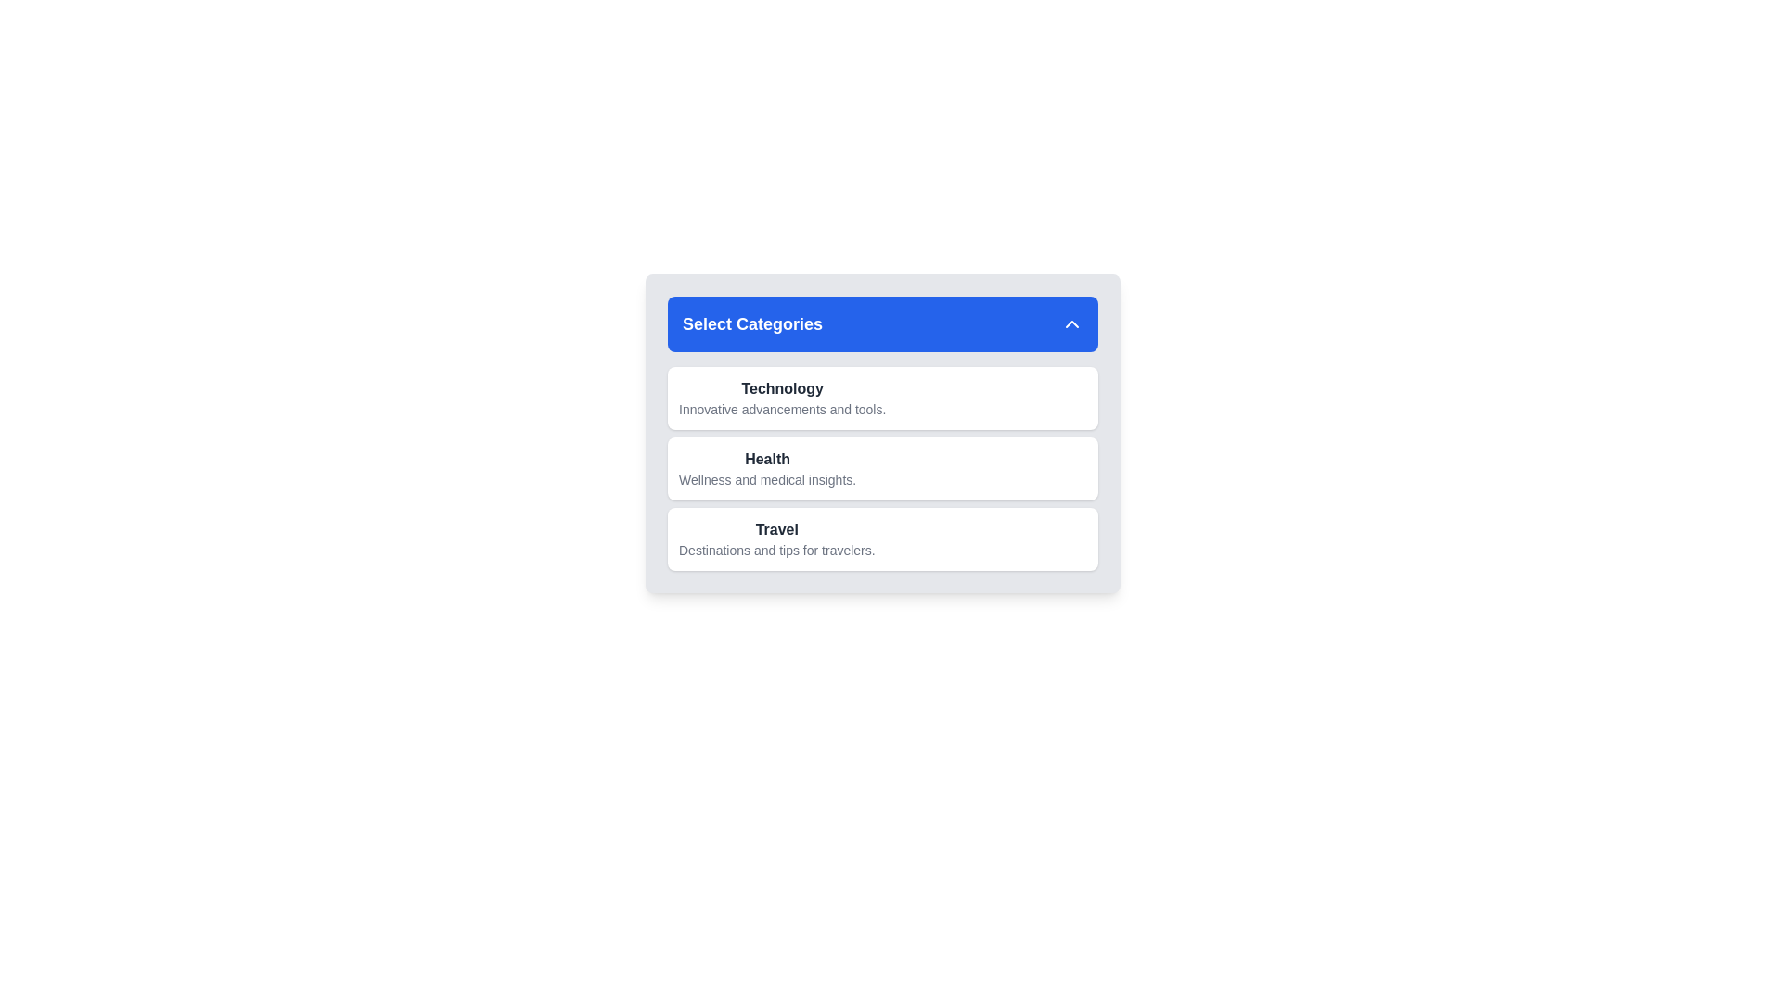 This screenshot has width=1781, height=1001. Describe the element at coordinates (776, 529) in the screenshot. I see `the bold, dark gray text label 'Travel' which serves as a heading for associated content, located in the third section below 'Select Categories.'` at that location.